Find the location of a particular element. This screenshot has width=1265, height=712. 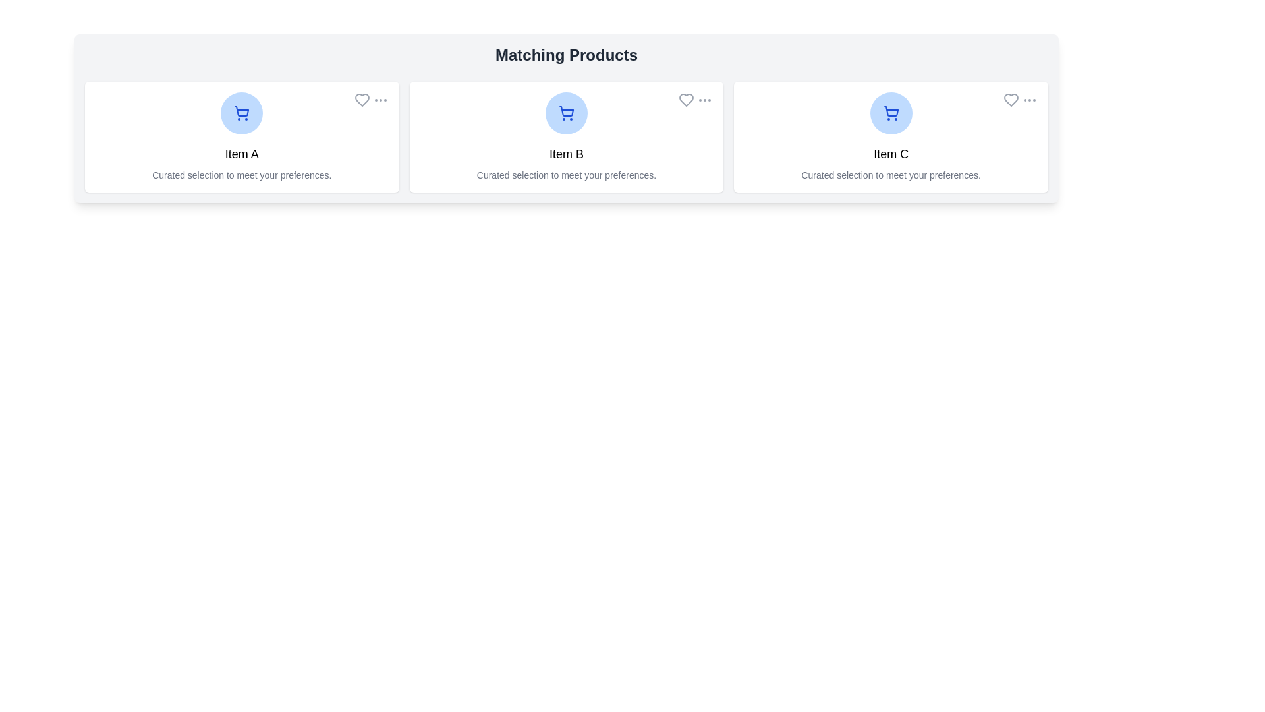

the heart button to favorite the product Item A is located at coordinates (362, 99).